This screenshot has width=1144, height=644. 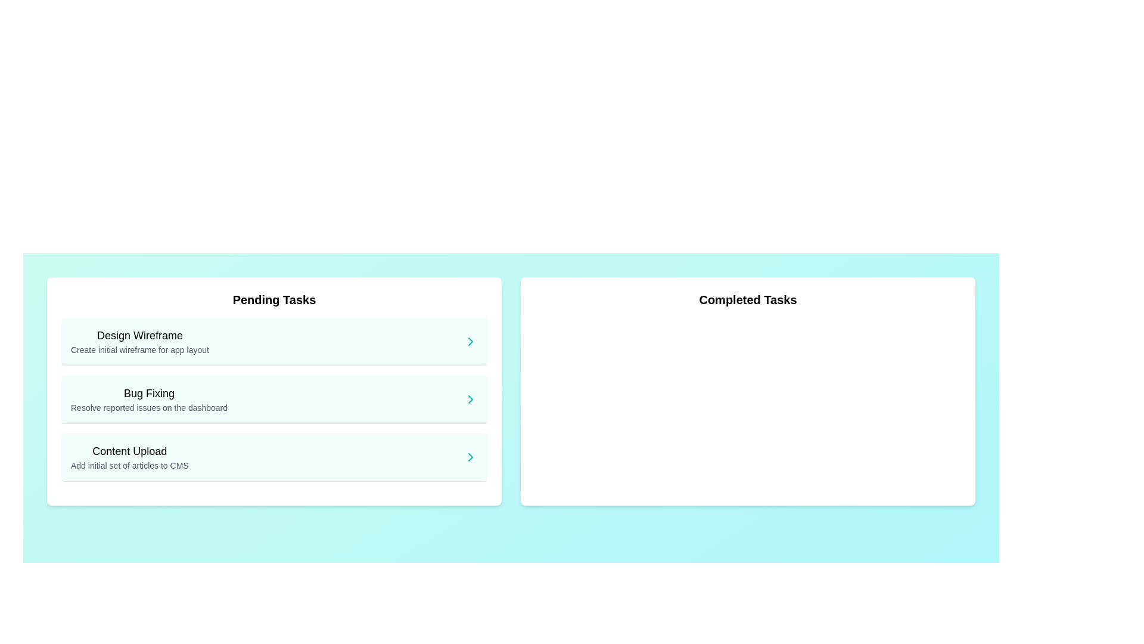 What do you see at coordinates (140, 336) in the screenshot?
I see `text of the title in the first task card located in the 'Pending Tasks' list on the left side of the layout` at bounding box center [140, 336].